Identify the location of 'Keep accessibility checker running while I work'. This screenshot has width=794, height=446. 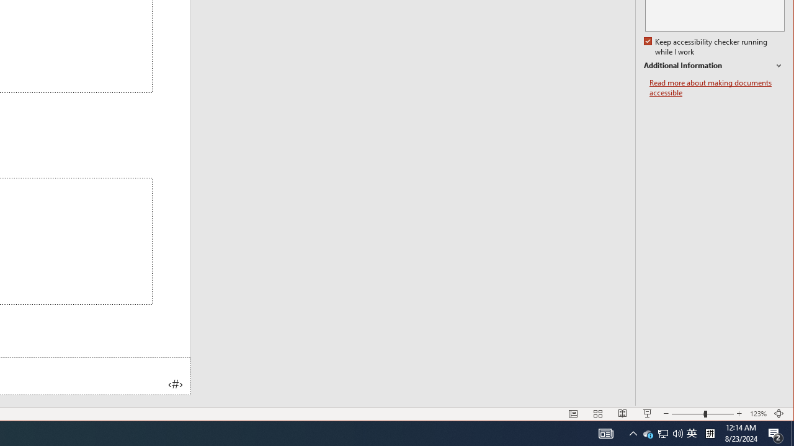
(707, 46).